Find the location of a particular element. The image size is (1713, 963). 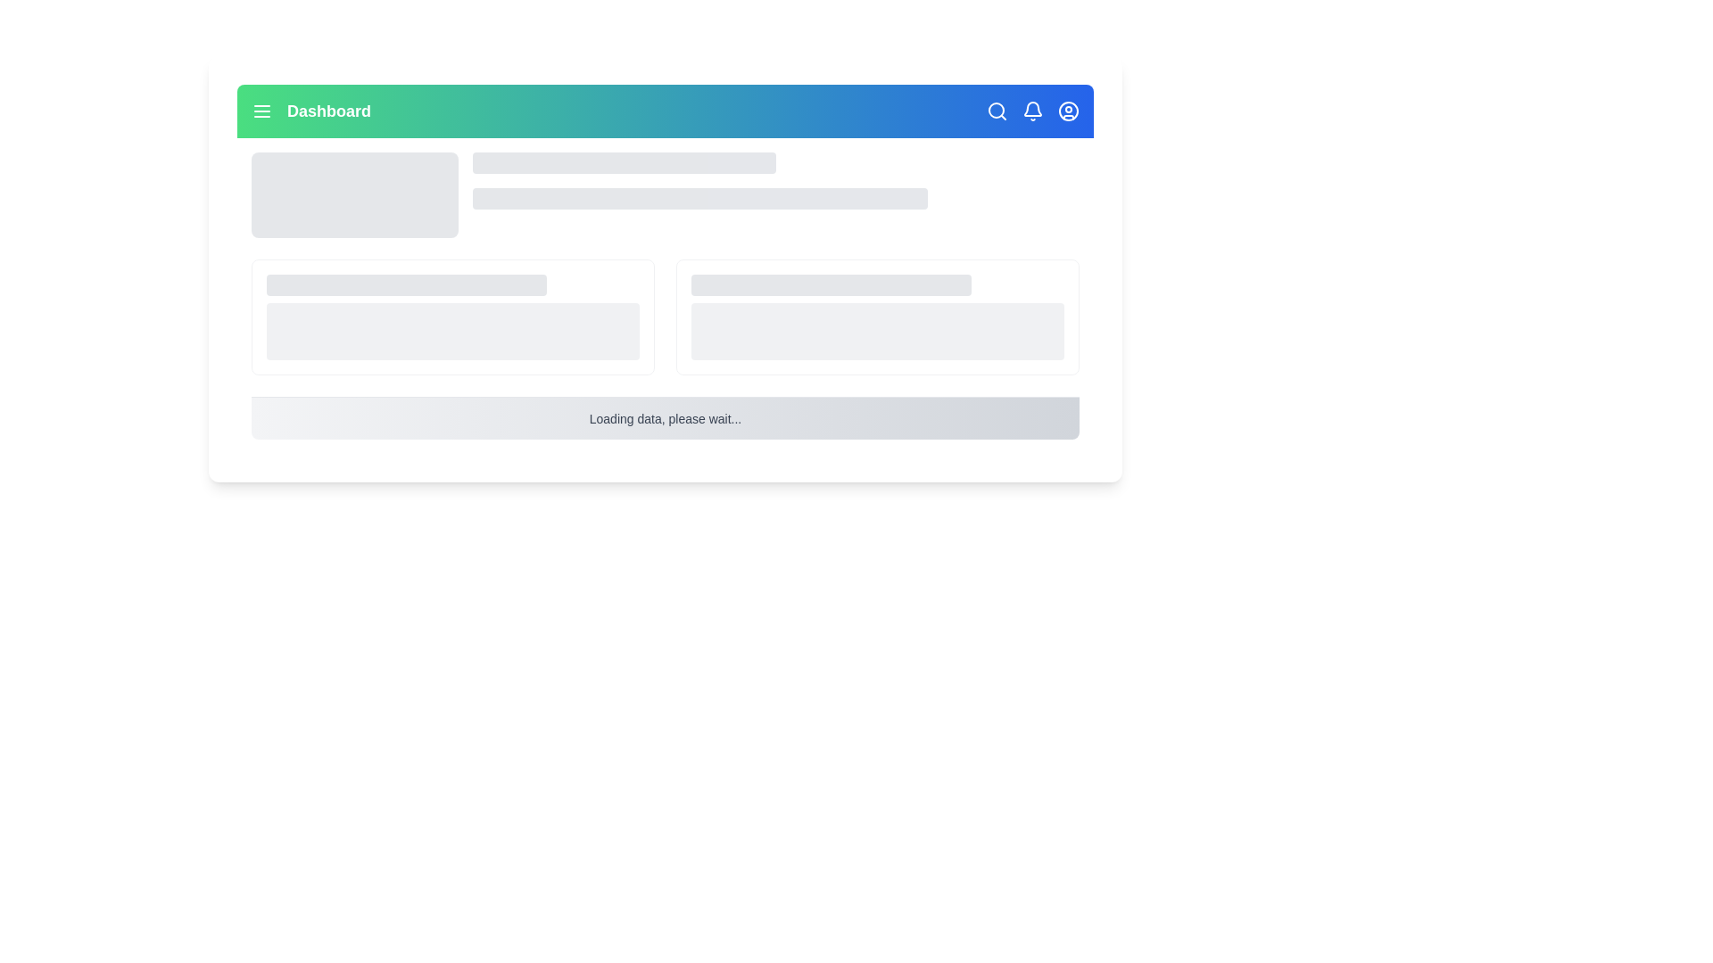

the bell-shaped notification icon with a white outline against a blue background is located at coordinates (1032, 111).